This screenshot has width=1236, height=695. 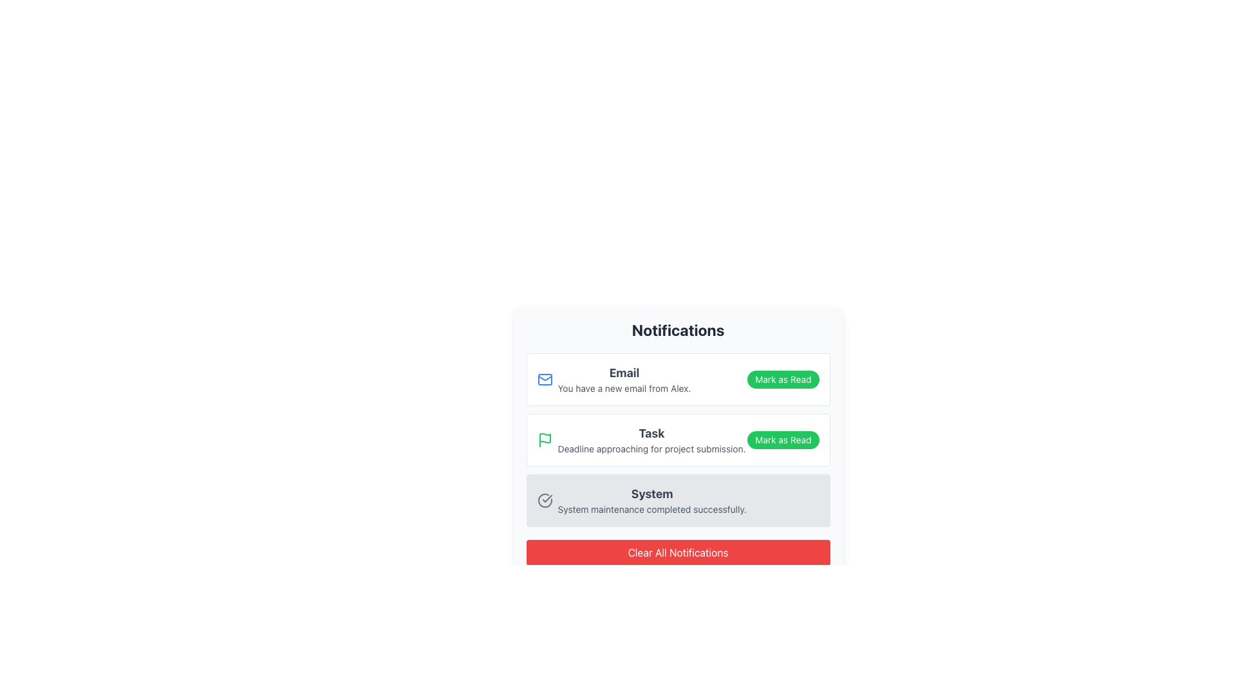 What do you see at coordinates (624, 379) in the screenshot?
I see `notification text block displaying a recent email alert from Alex, located in the notification pane below the title bar labeled 'Notifications' and above the 'Task' notification` at bounding box center [624, 379].